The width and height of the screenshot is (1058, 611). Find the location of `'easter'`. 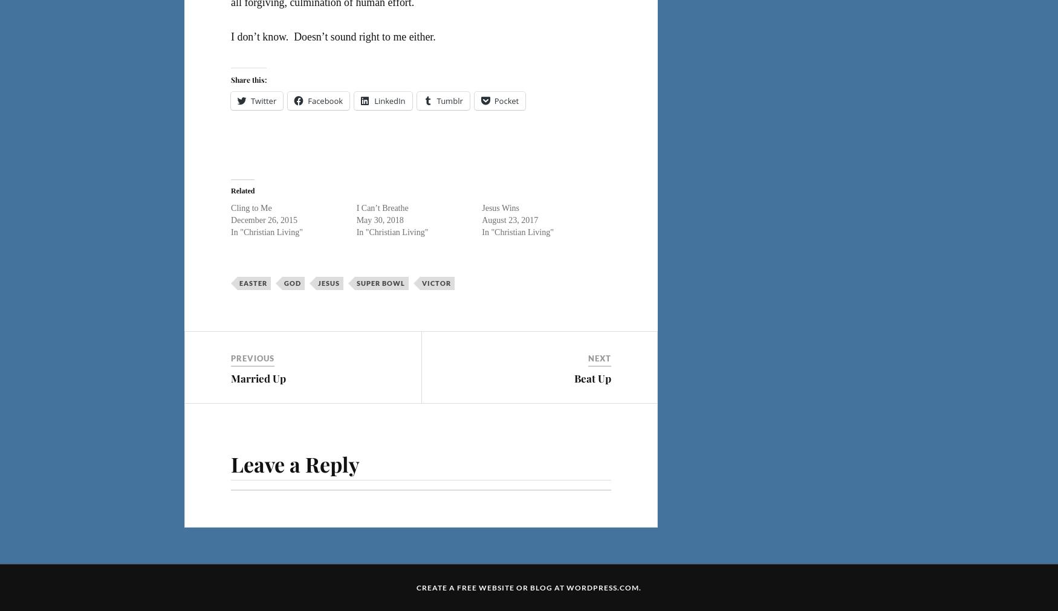

'easter' is located at coordinates (252, 282).